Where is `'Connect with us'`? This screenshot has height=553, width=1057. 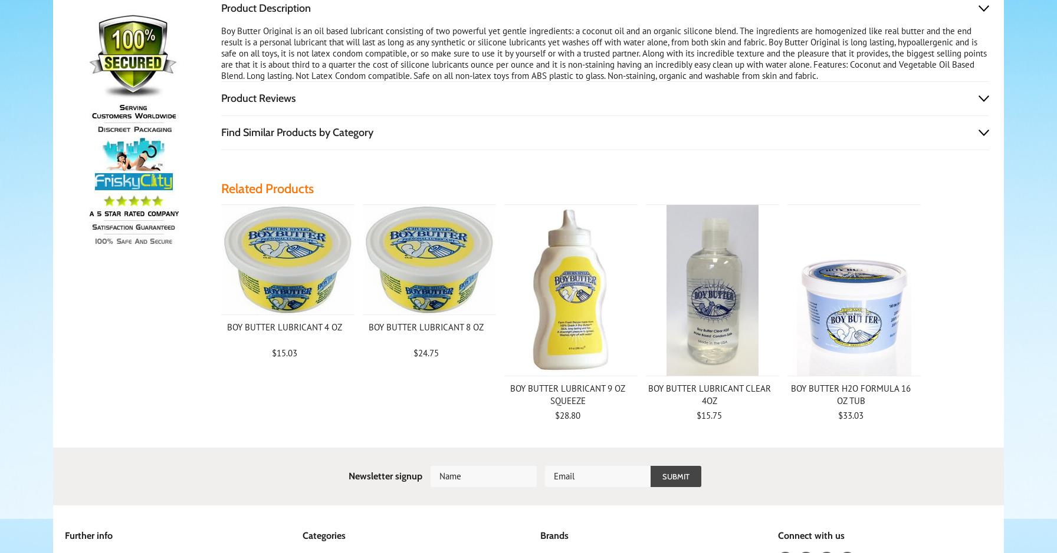 'Connect with us' is located at coordinates (811, 535).